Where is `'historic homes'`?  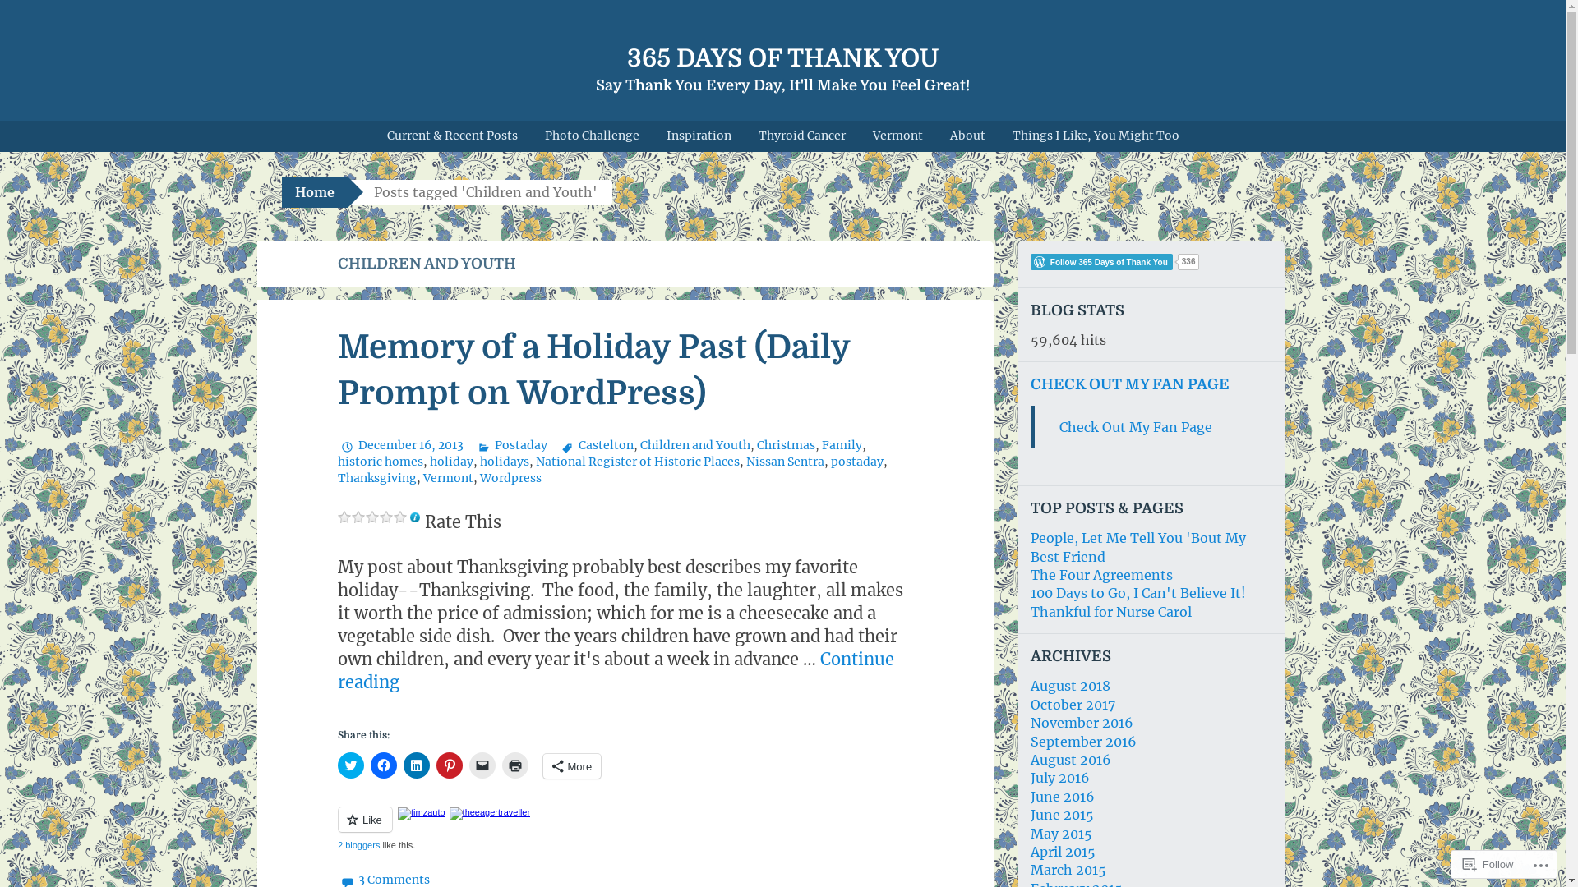 'historic homes' is located at coordinates (335, 462).